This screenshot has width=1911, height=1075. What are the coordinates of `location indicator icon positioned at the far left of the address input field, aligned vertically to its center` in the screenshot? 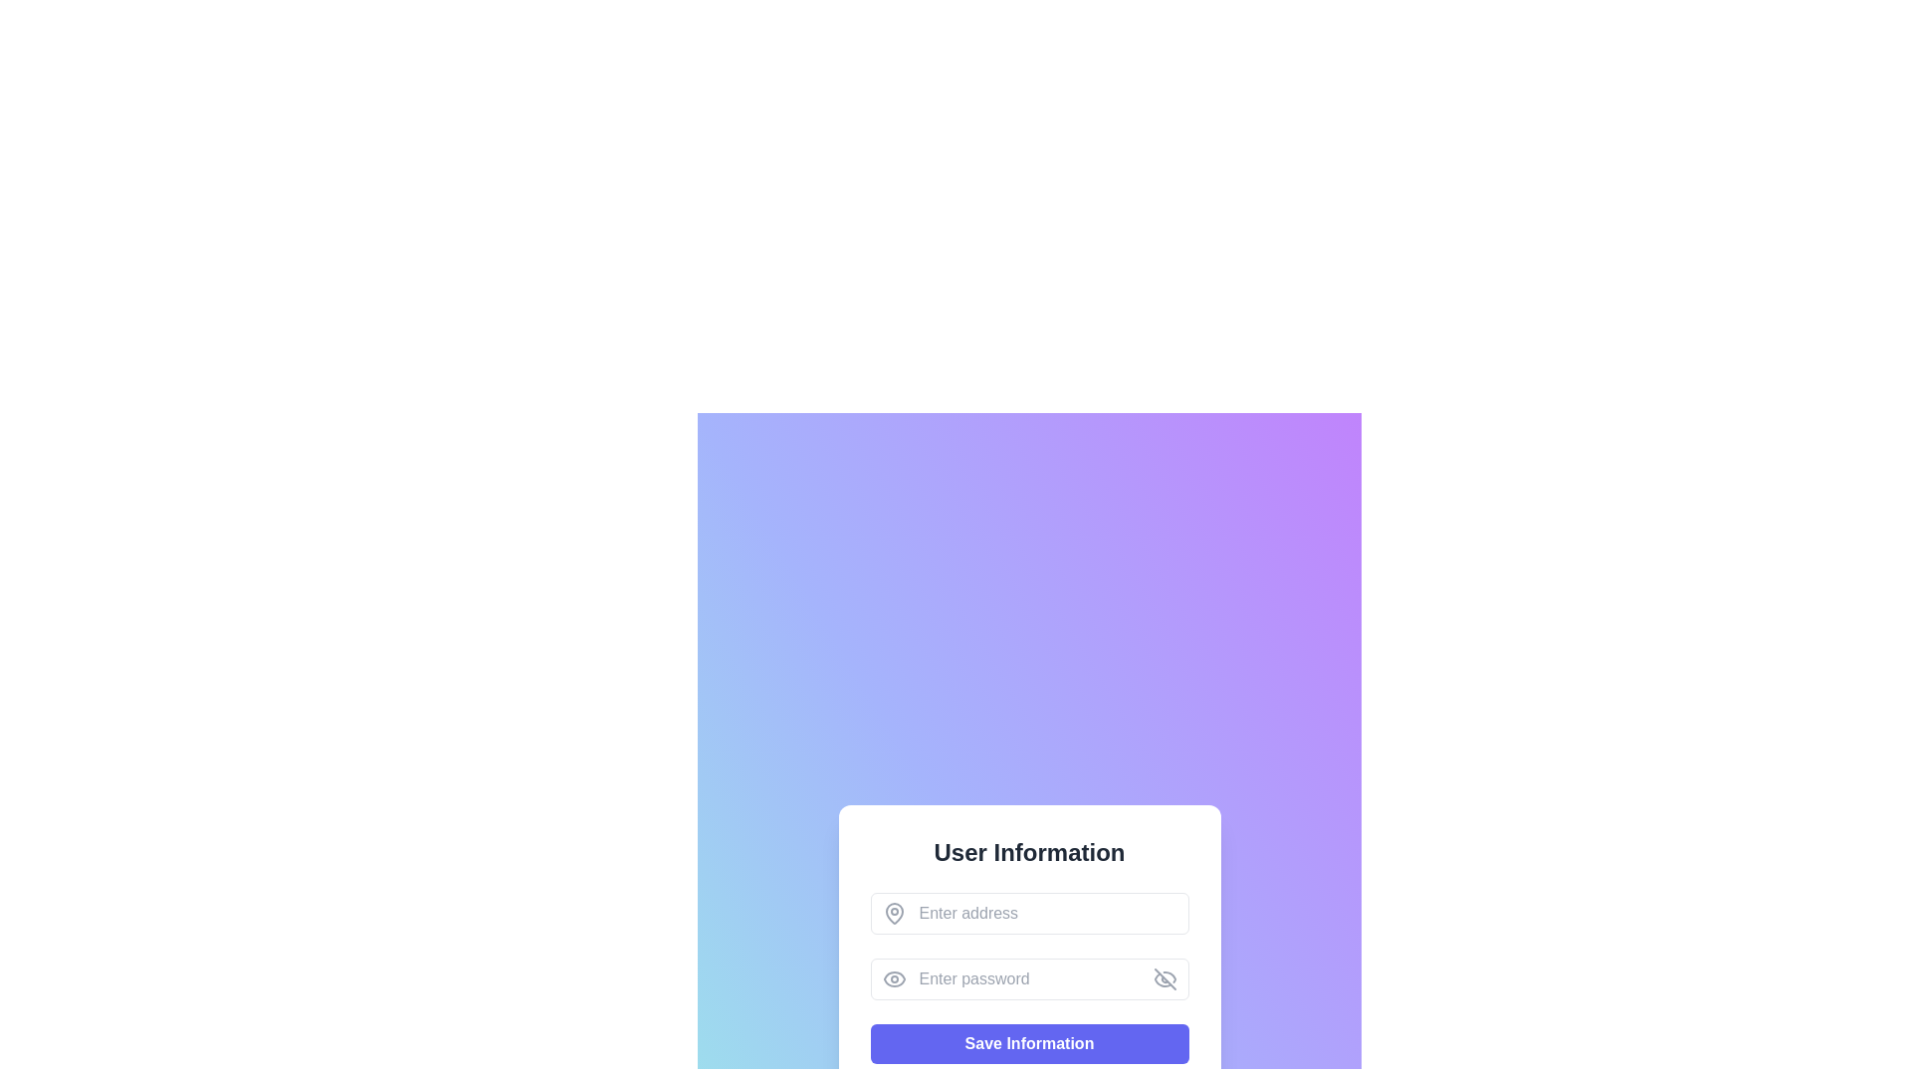 It's located at (893, 914).